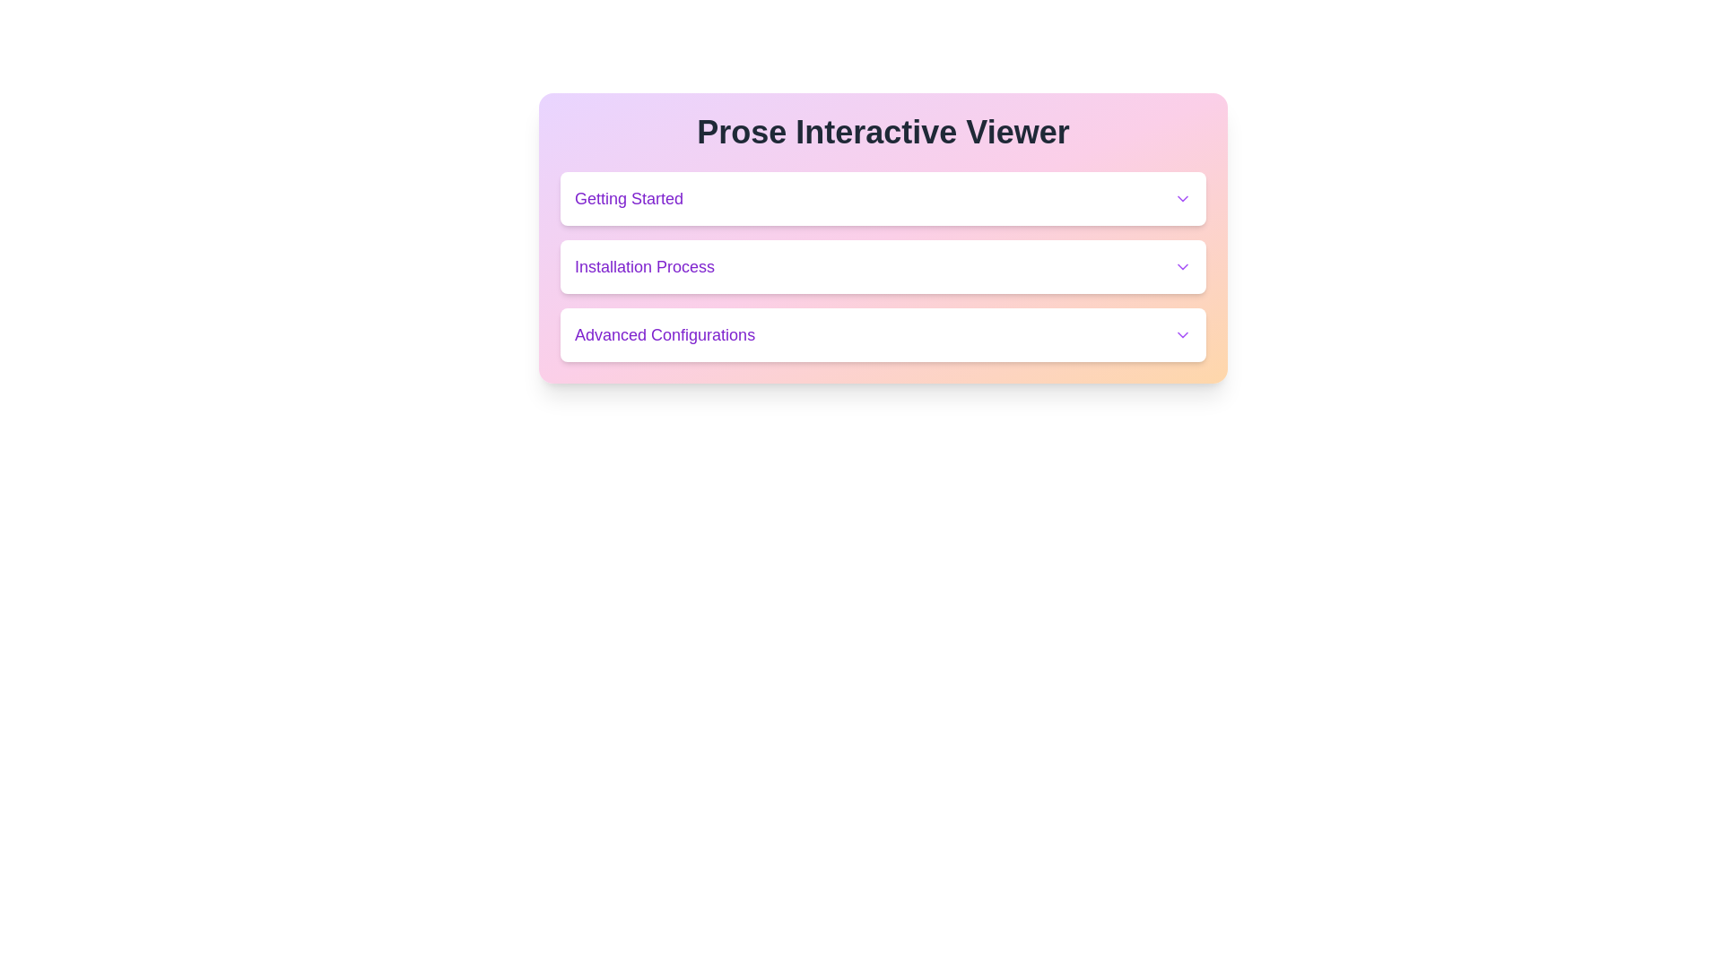  What do you see at coordinates (1183, 335) in the screenshot?
I see `the downward-pointing purple chevron icon located to the right of the text 'Advanced Configurations'` at bounding box center [1183, 335].